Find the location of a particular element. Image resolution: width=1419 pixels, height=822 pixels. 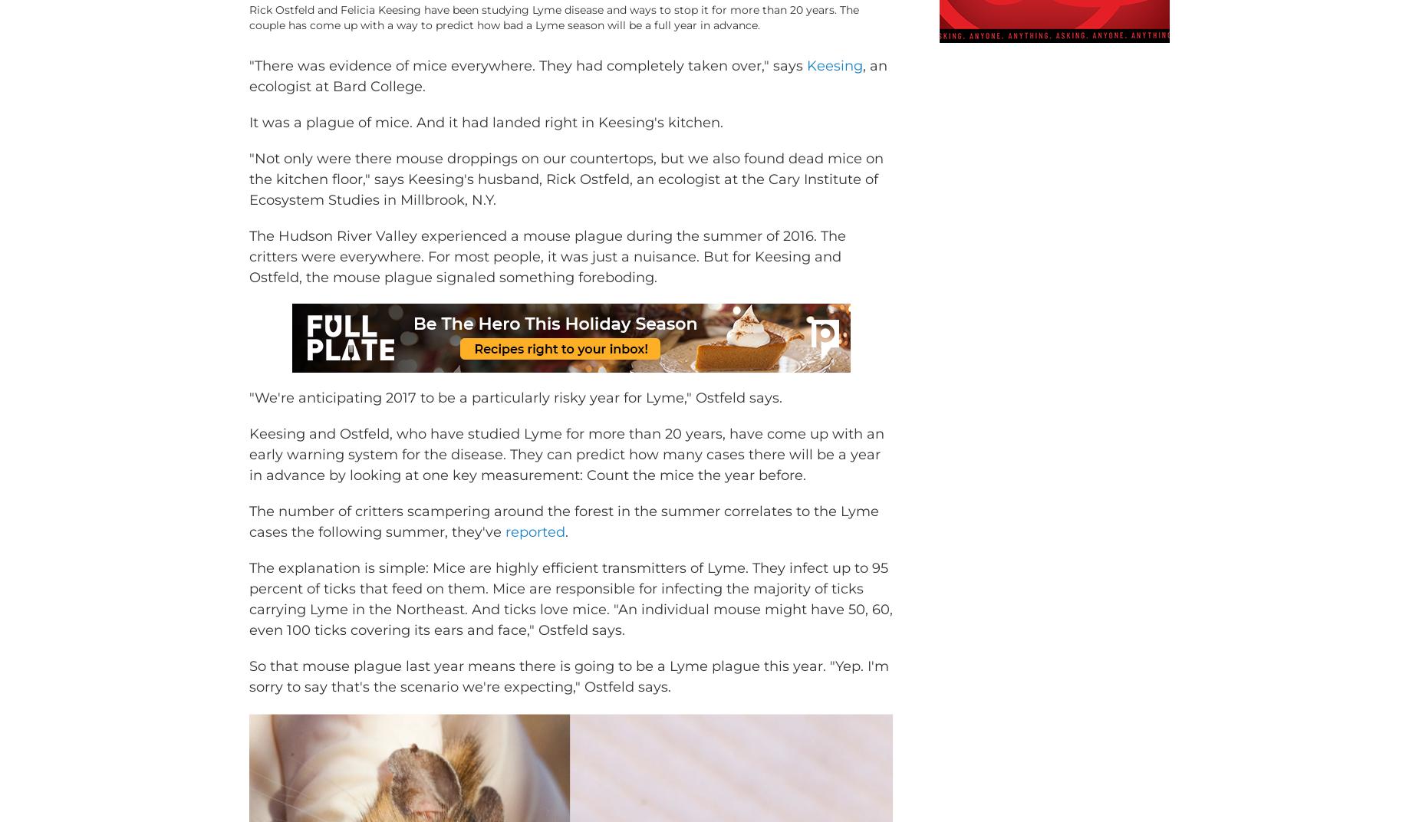

'Rick Ostfeld and Felicia Keesing have been studying Lyme disease and ways to stop it for more than 20 years. The couple has come up with a way to predict how bad a Lyme season will be a full year in advance.' is located at coordinates (554, 38).